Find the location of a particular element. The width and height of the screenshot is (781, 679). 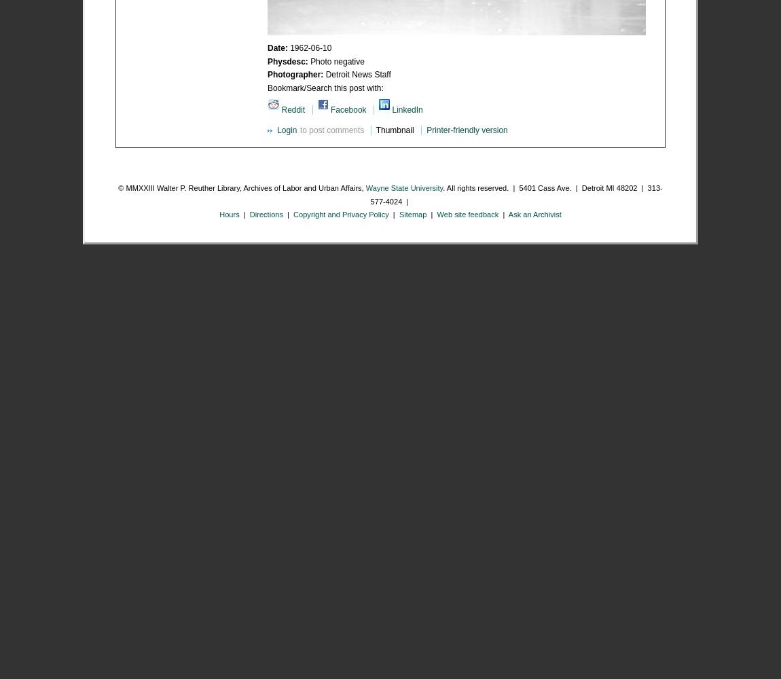

'to post comments' is located at coordinates (331, 129).